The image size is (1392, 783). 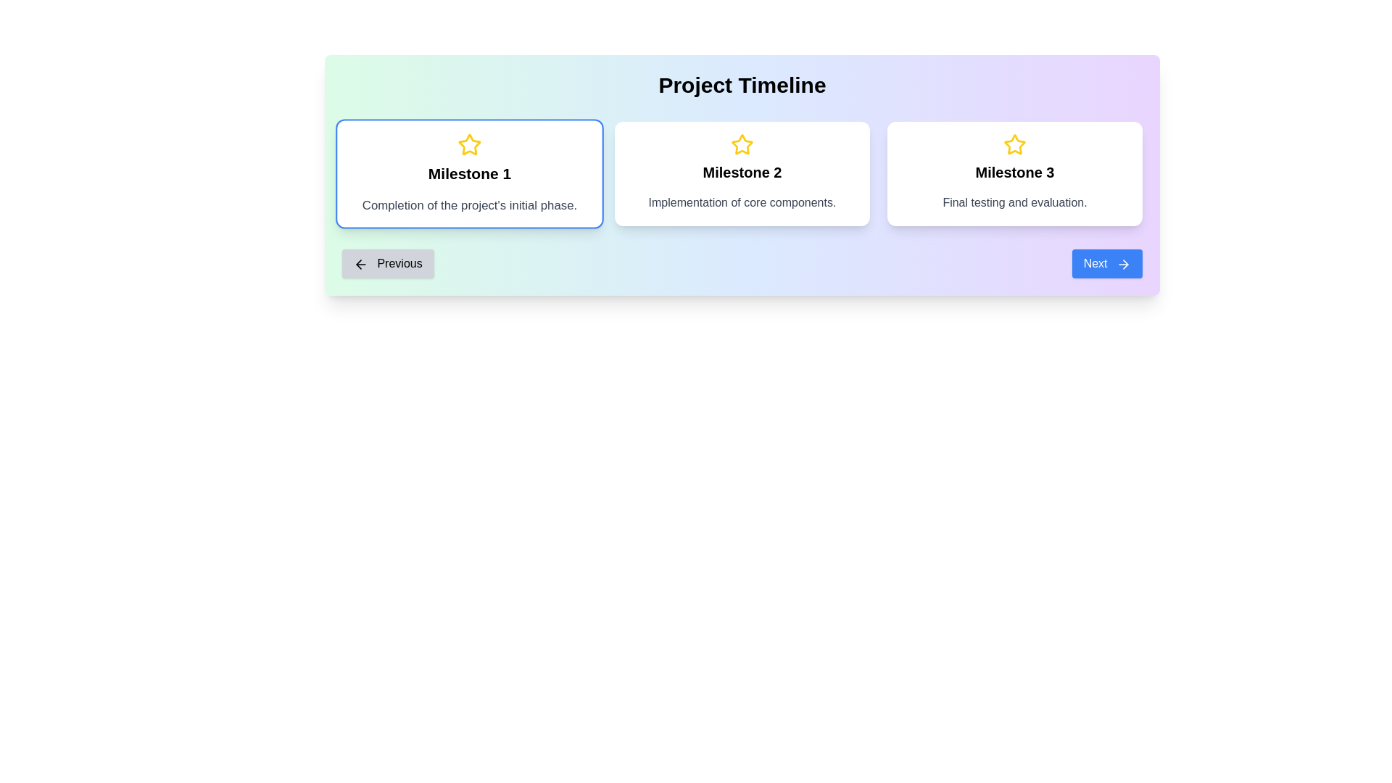 What do you see at coordinates (1014, 203) in the screenshot?
I see `the static text providing additional information for 'Milestone 3' located beneath the title and icon in the white card` at bounding box center [1014, 203].